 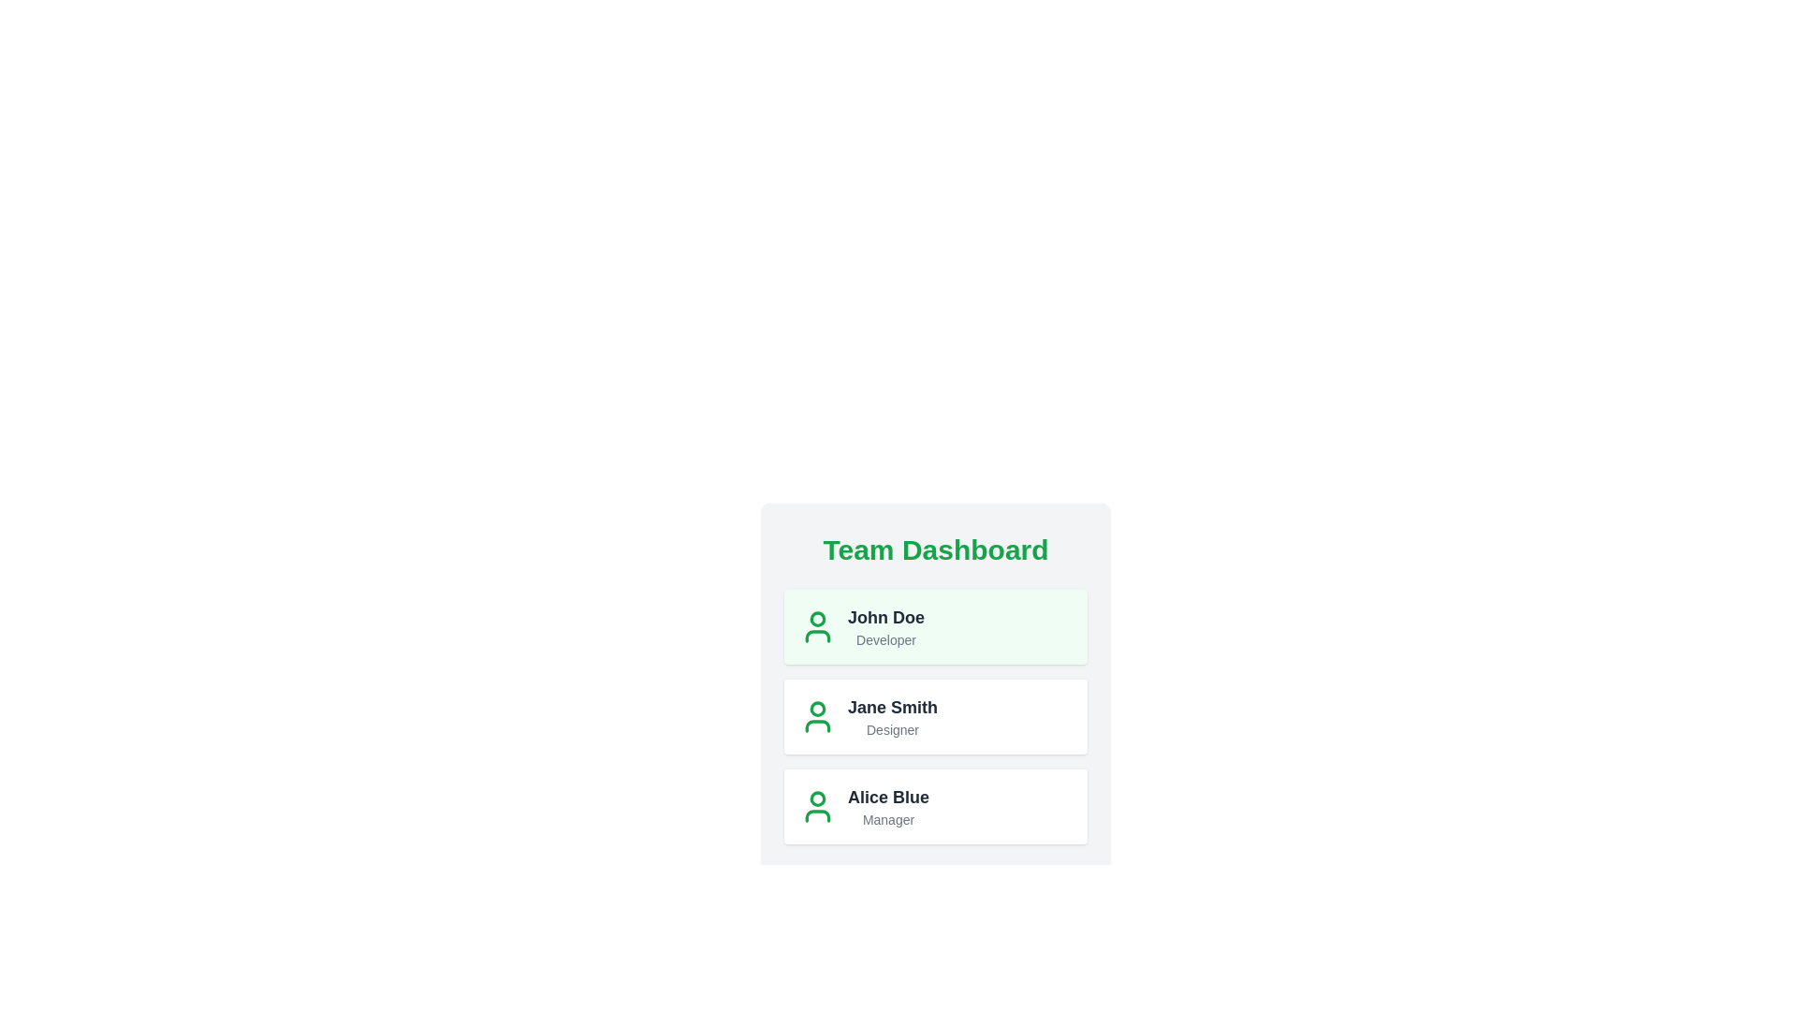 I want to click on the static text element that serves as the title for the associated profile in the 'Team Dashboard', located above the 'Developer' text and next to the user icon, so click(x=884, y=617).